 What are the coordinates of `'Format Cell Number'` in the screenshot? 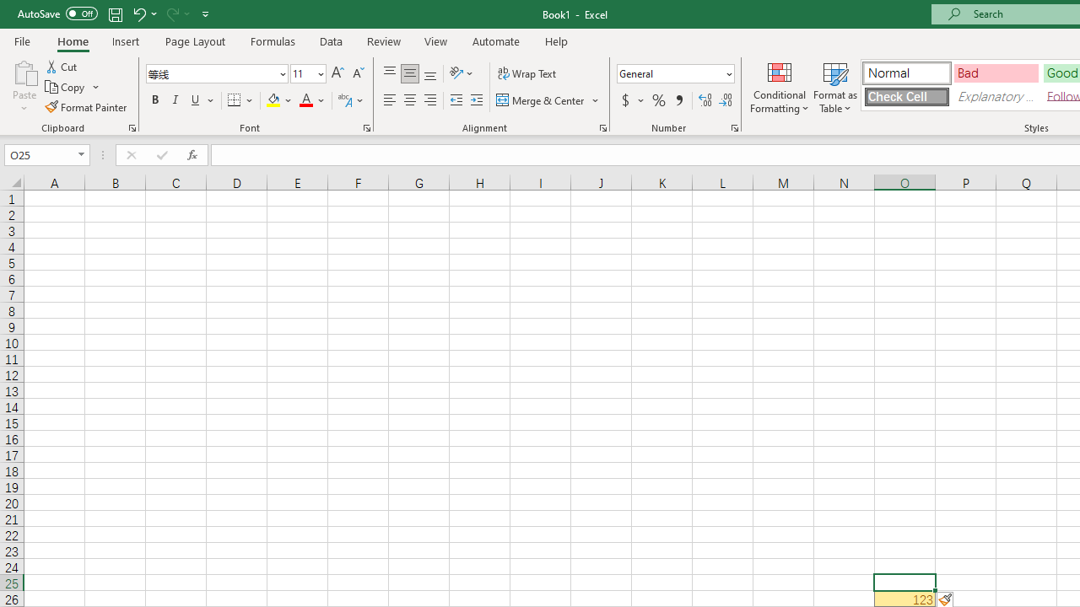 It's located at (735, 126).